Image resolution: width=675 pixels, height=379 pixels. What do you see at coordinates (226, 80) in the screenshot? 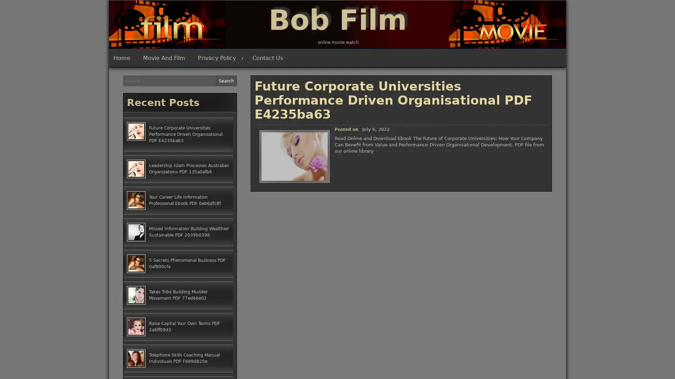
I see `Search` at bounding box center [226, 80].